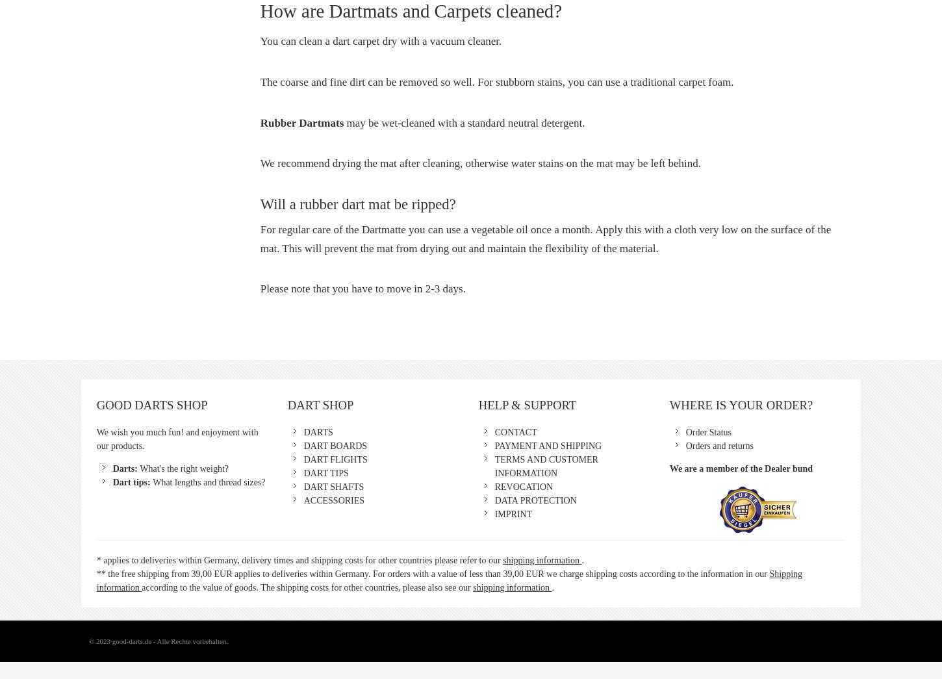  What do you see at coordinates (335, 446) in the screenshot?
I see `'DART BOARDS'` at bounding box center [335, 446].